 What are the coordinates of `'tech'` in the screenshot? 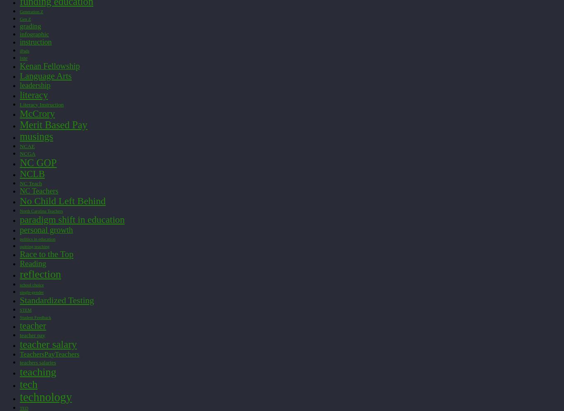 It's located at (19, 384).